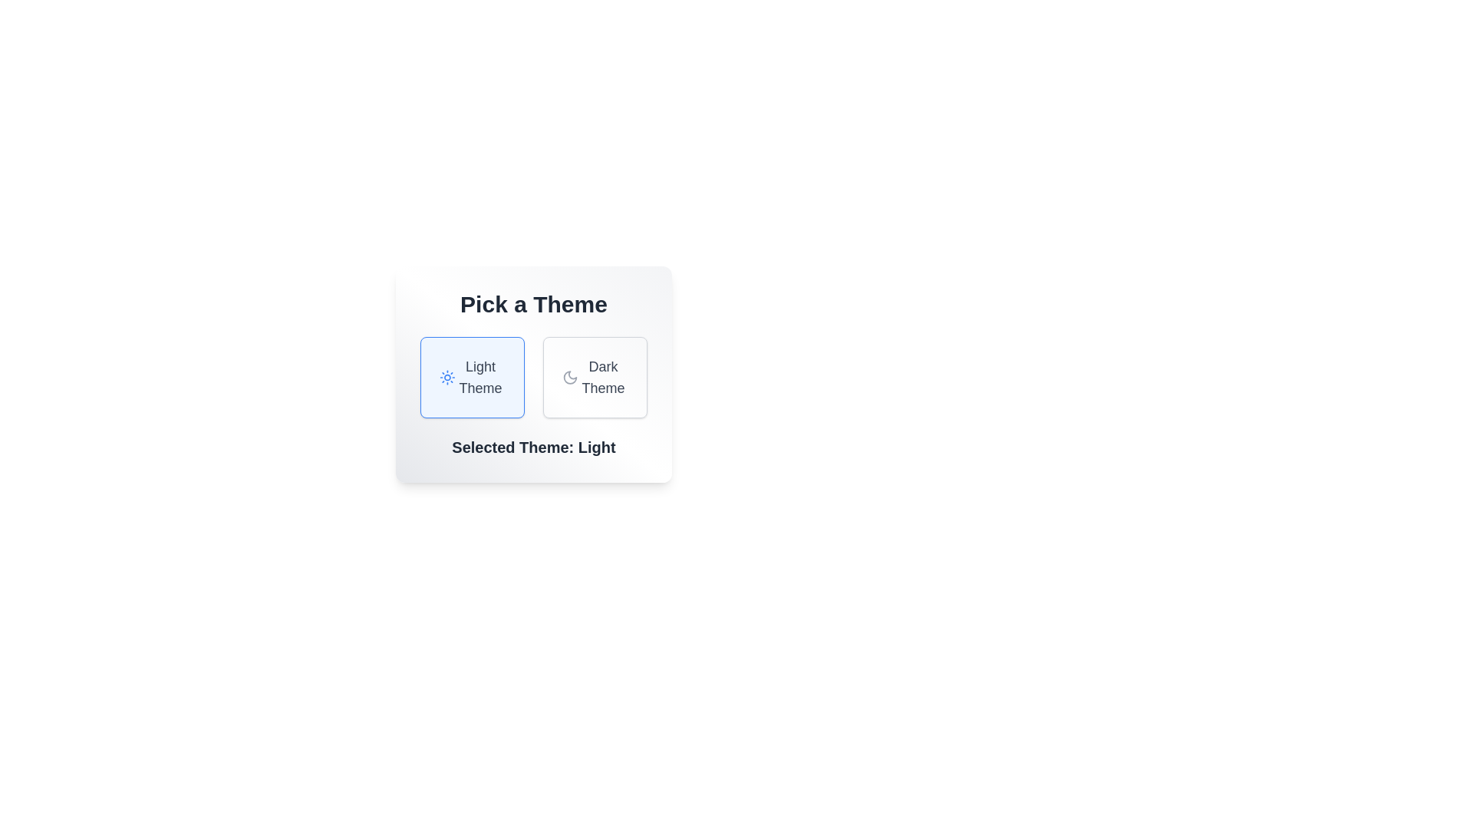 Image resolution: width=1473 pixels, height=829 pixels. I want to click on static text that displays the currently selected theme, located at the bottom of the card section under the heading 'Pick a Theme', so click(534, 447).